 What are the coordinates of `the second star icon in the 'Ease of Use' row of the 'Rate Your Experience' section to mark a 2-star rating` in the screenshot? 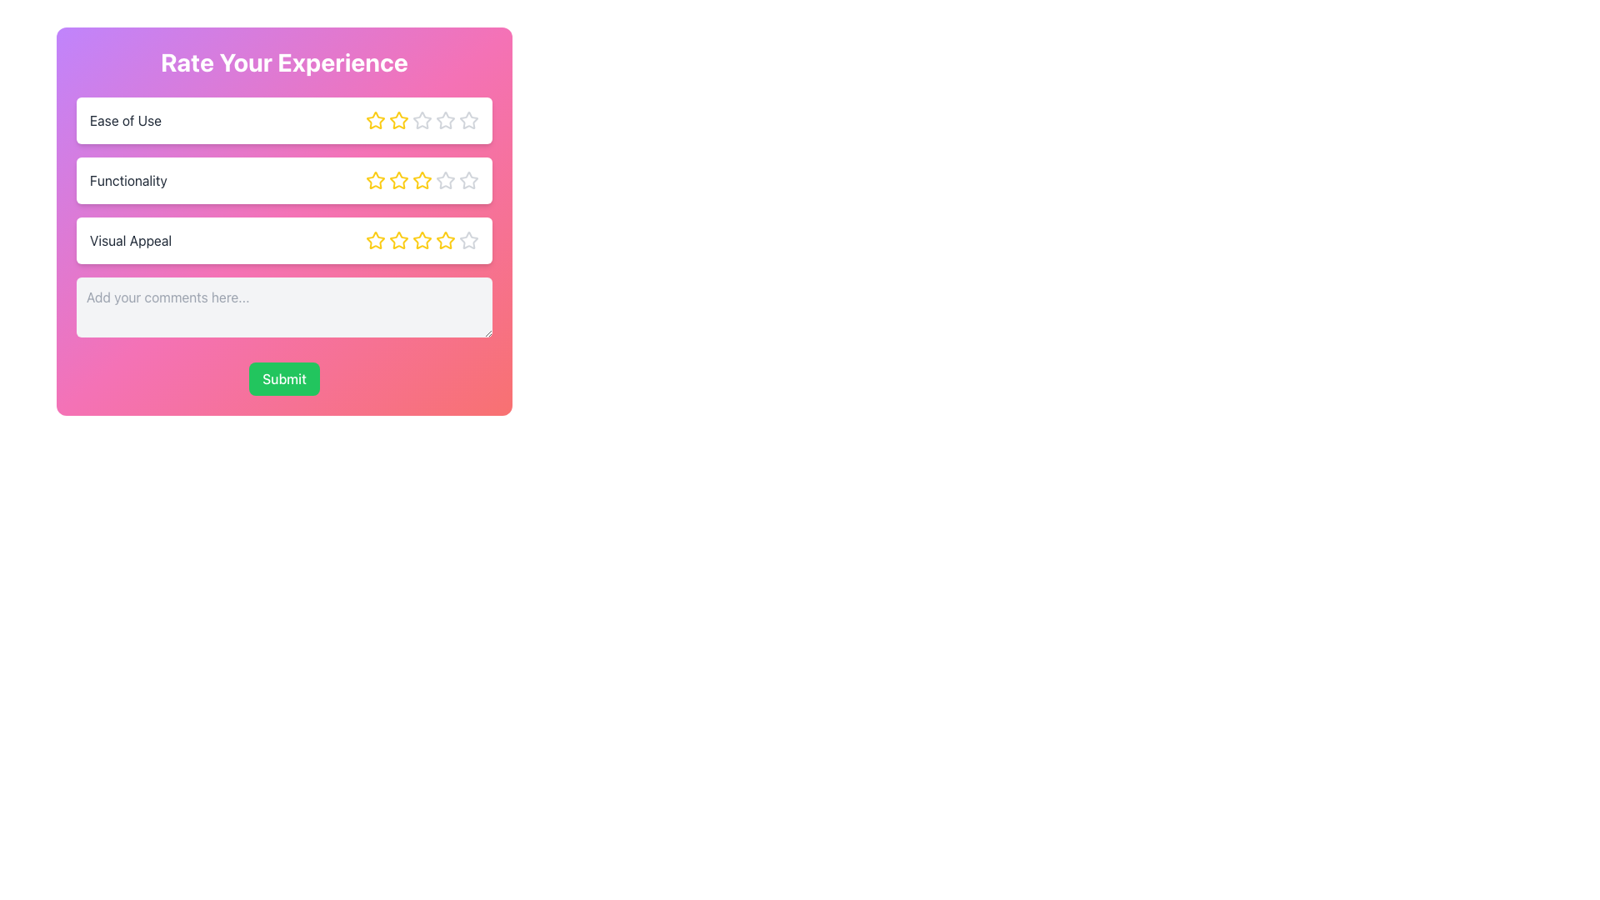 It's located at (398, 119).